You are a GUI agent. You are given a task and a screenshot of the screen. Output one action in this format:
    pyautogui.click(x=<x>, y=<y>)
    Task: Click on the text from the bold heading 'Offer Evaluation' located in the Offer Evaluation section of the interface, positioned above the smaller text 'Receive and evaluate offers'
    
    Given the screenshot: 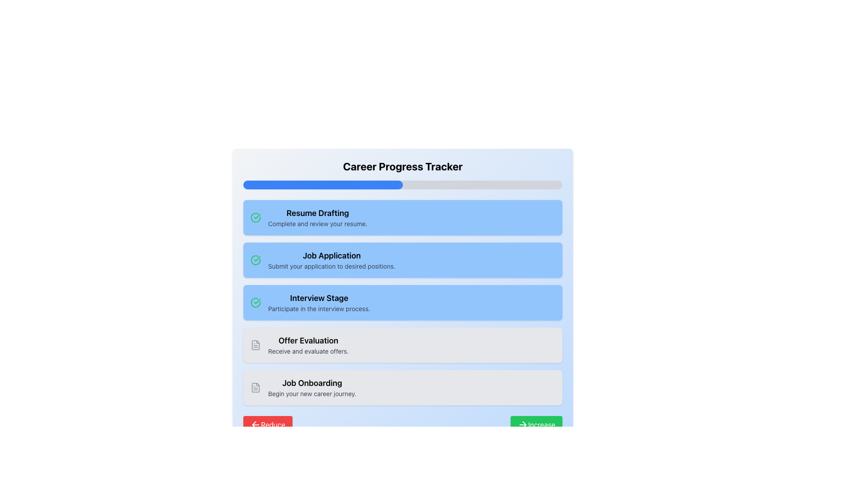 What is the action you would take?
    pyautogui.click(x=308, y=340)
    